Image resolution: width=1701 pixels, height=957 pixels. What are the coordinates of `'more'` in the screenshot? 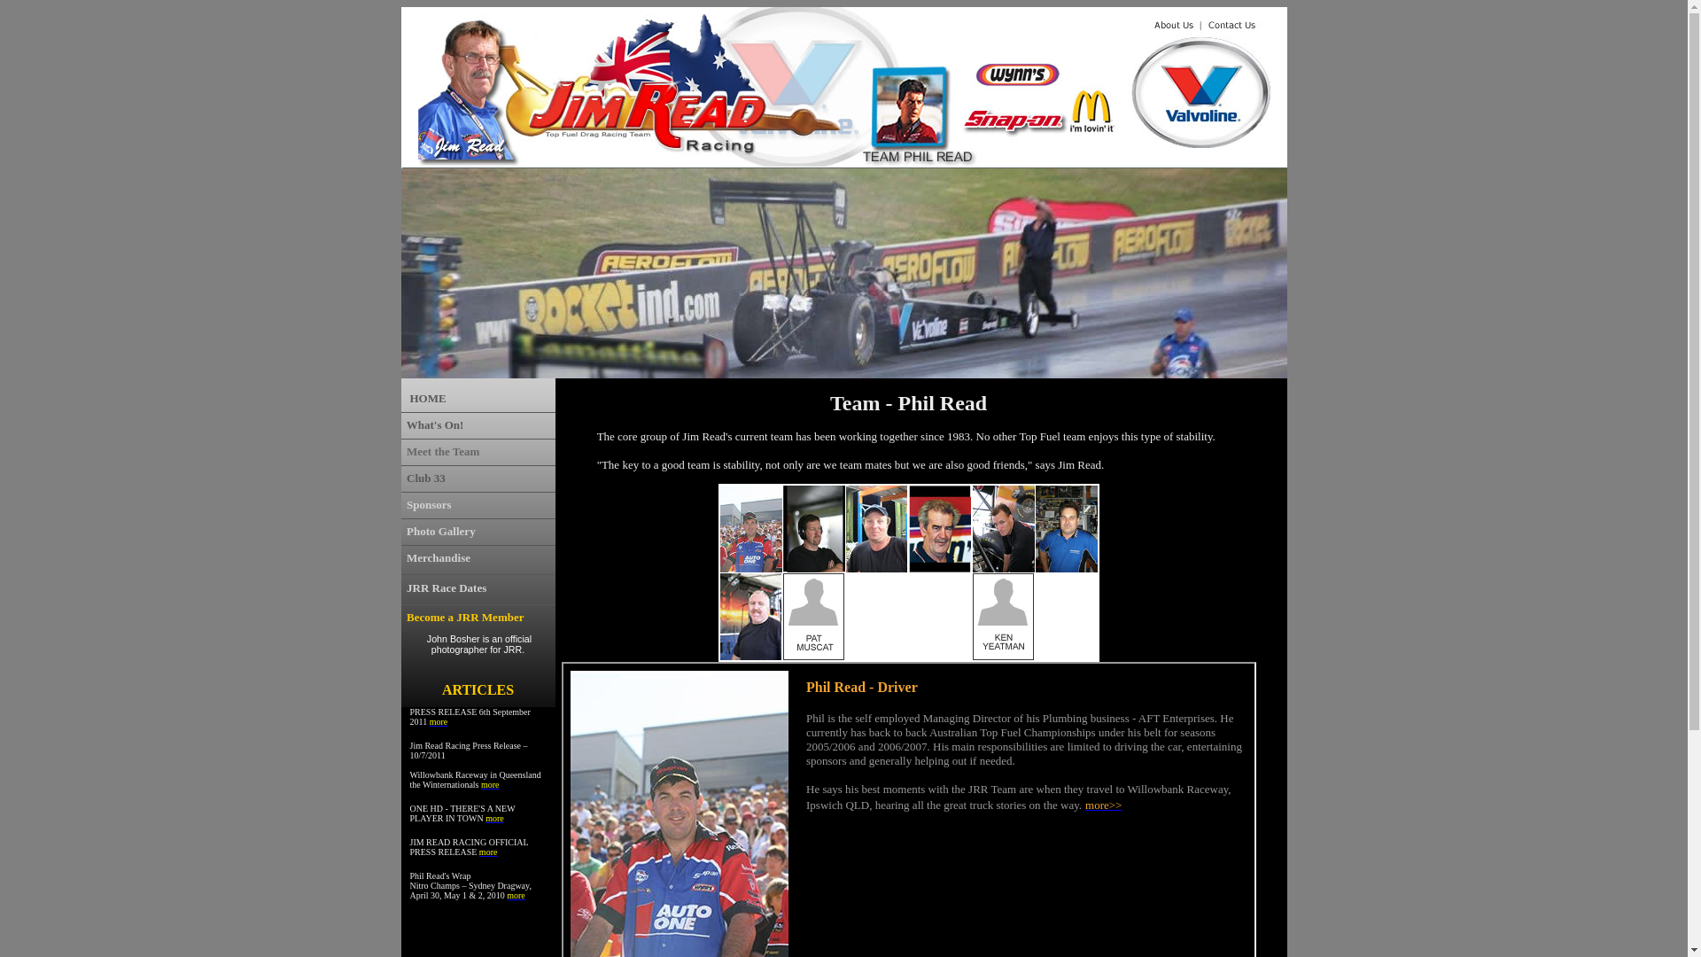 It's located at (515, 893).